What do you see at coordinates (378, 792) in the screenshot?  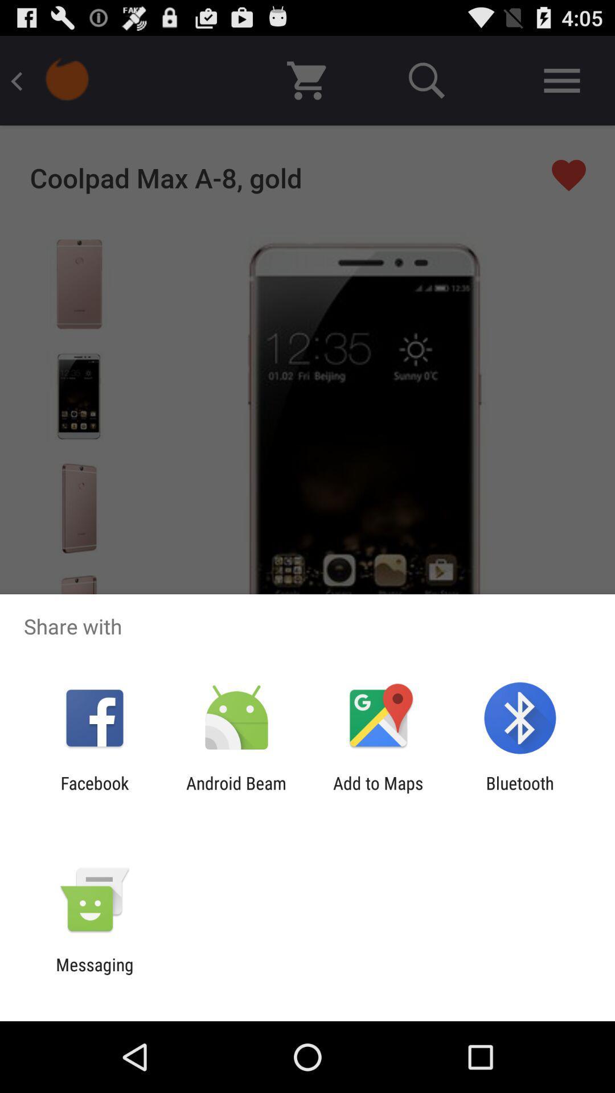 I see `the app next to the android beam app` at bounding box center [378, 792].